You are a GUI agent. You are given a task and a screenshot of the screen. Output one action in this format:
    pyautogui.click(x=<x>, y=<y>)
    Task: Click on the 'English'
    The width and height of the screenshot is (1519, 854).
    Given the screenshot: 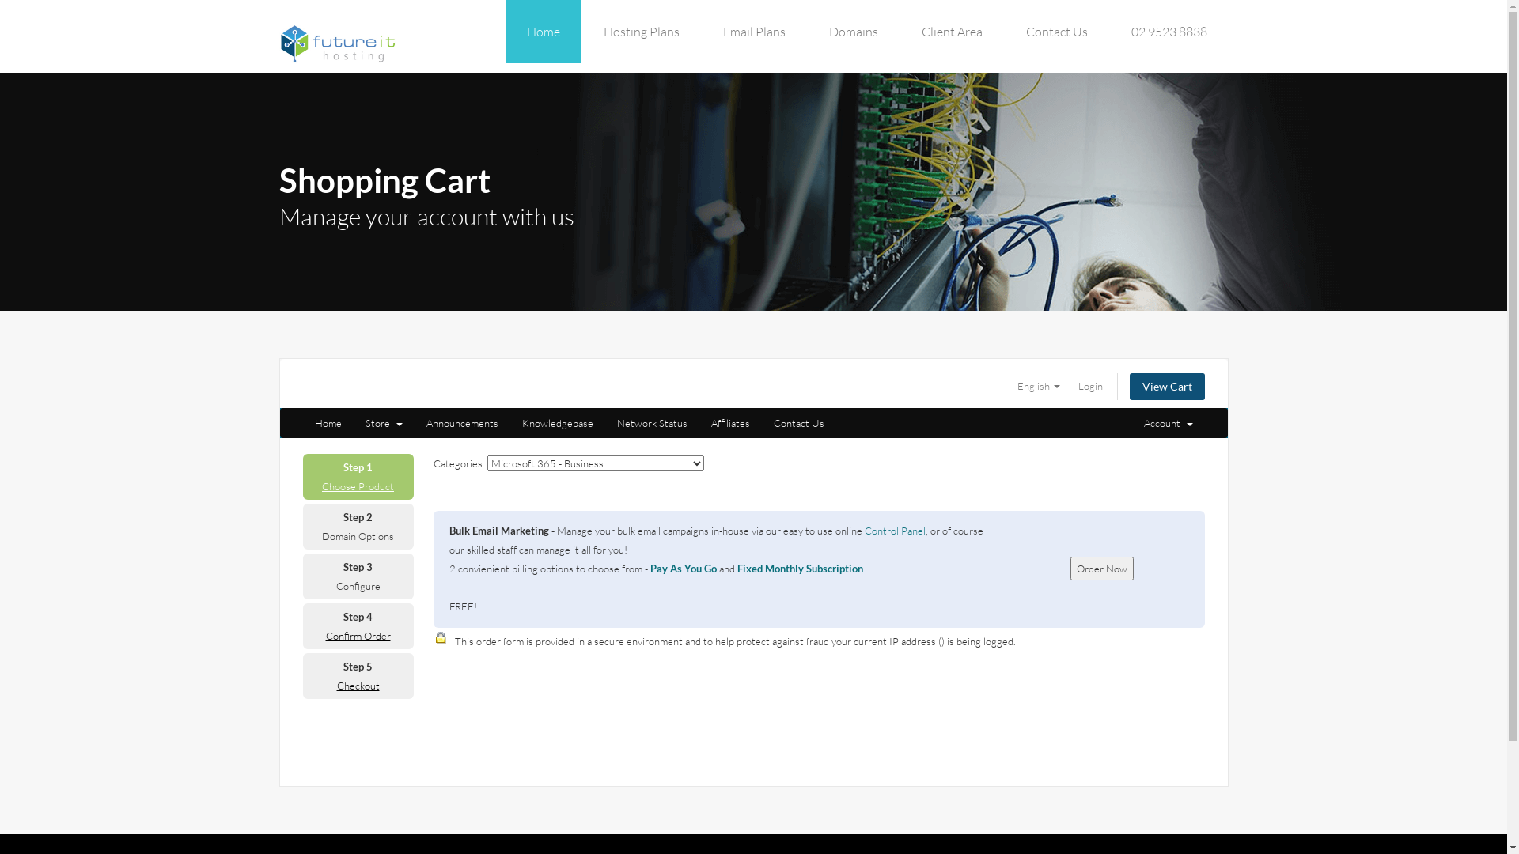 What is the action you would take?
    pyautogui.click(x=1039, y=386)
    